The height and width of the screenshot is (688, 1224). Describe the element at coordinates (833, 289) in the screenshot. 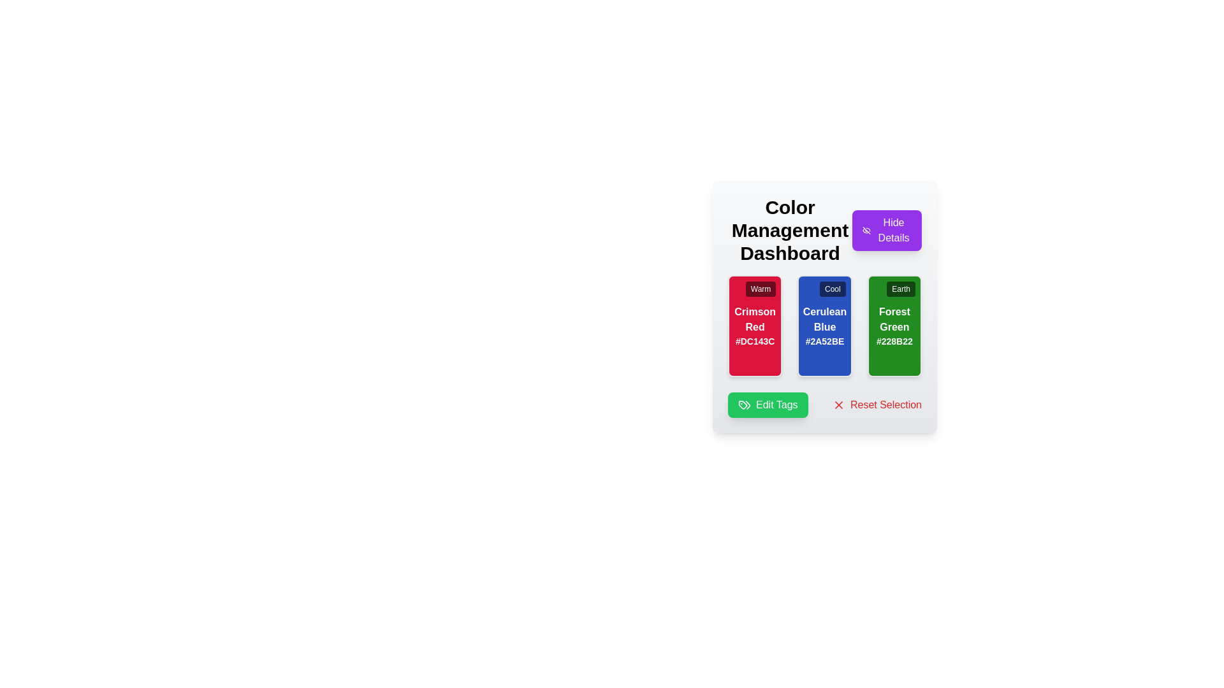

I see `the badge labeled 'Cool' which is positioned in the top-right corner of the blue card labeled 'Cerulean Blue'` at that location.